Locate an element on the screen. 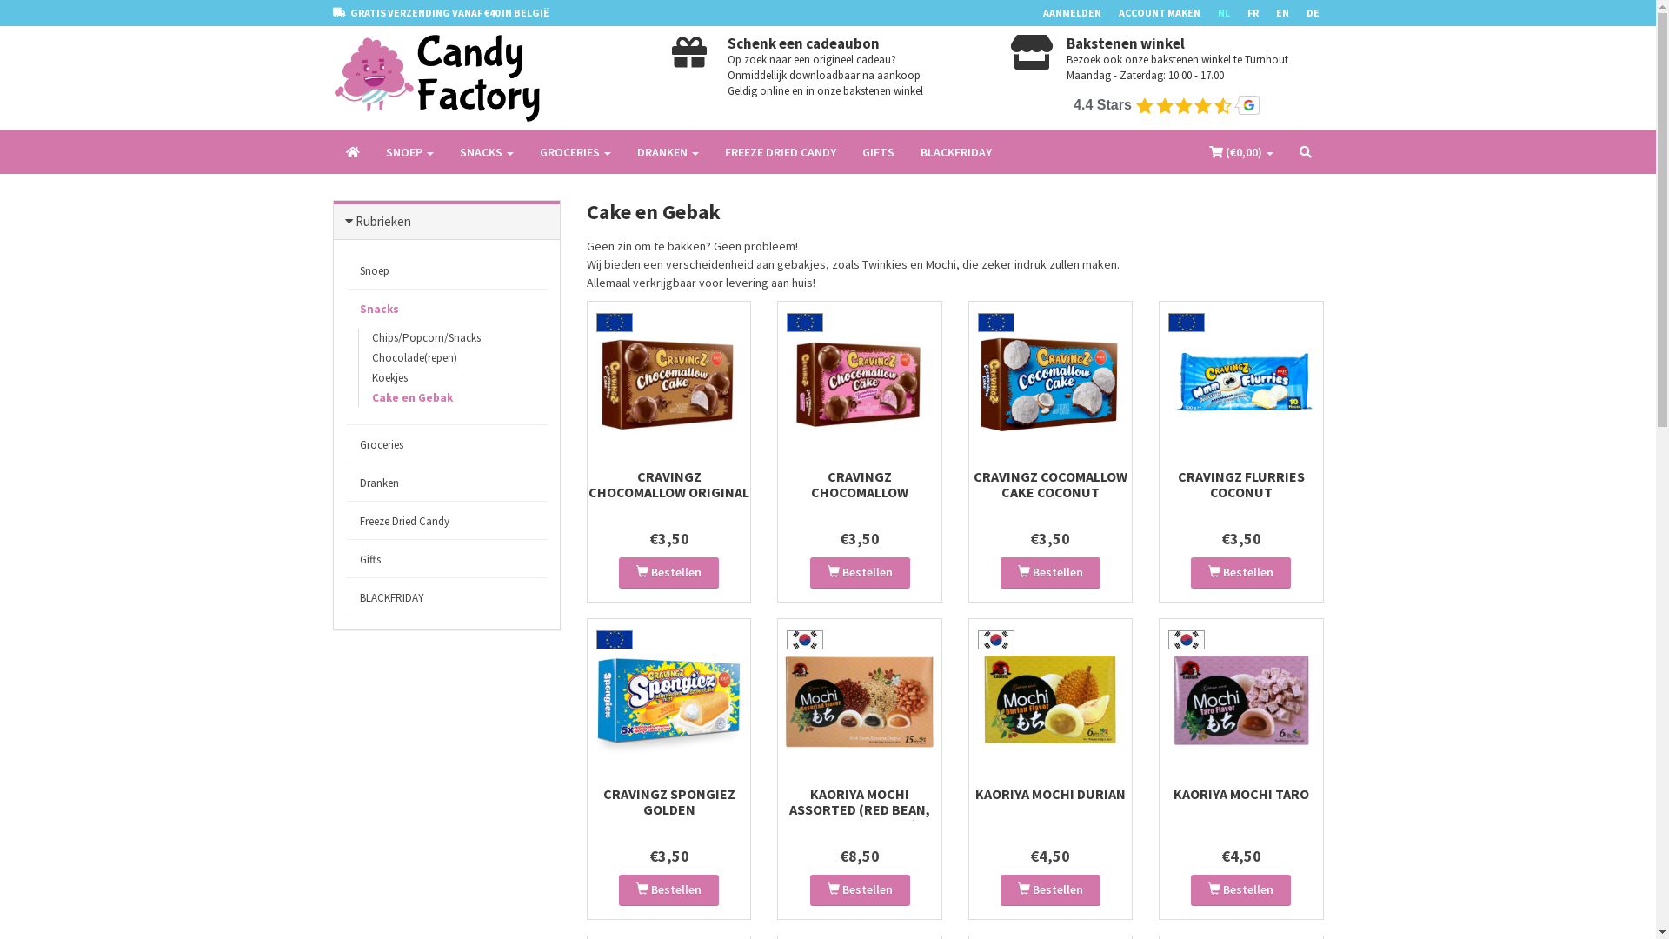 This screenshot has height=939, width=1669. 'DRANKEN' is located at coordinates (667, 150).